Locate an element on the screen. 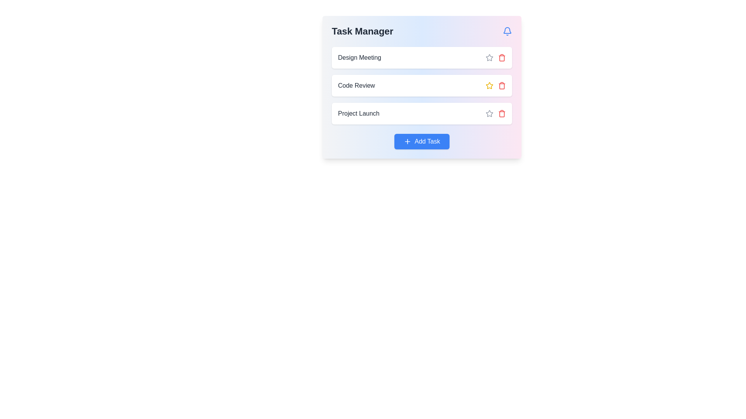 This screenshot has width=746, height=419. the bell-shaped graphical icon located at the upper-right corner of the task manager interface is located at coordinates (507, 30).